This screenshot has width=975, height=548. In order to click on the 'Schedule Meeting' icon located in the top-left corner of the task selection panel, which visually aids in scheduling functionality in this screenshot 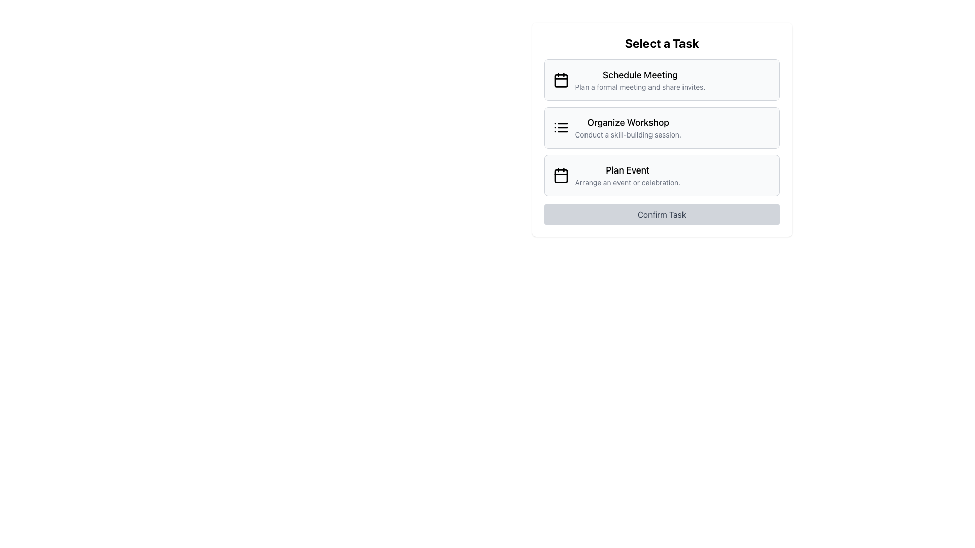, I will do `click(560, 80)`.